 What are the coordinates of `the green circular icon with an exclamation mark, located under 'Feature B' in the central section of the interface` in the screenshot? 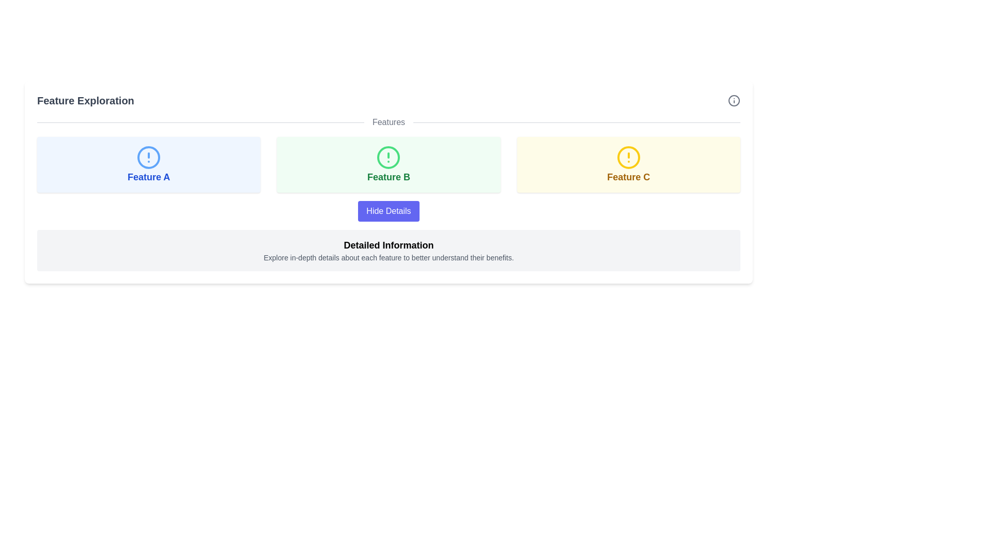 It's located at (388, 157).